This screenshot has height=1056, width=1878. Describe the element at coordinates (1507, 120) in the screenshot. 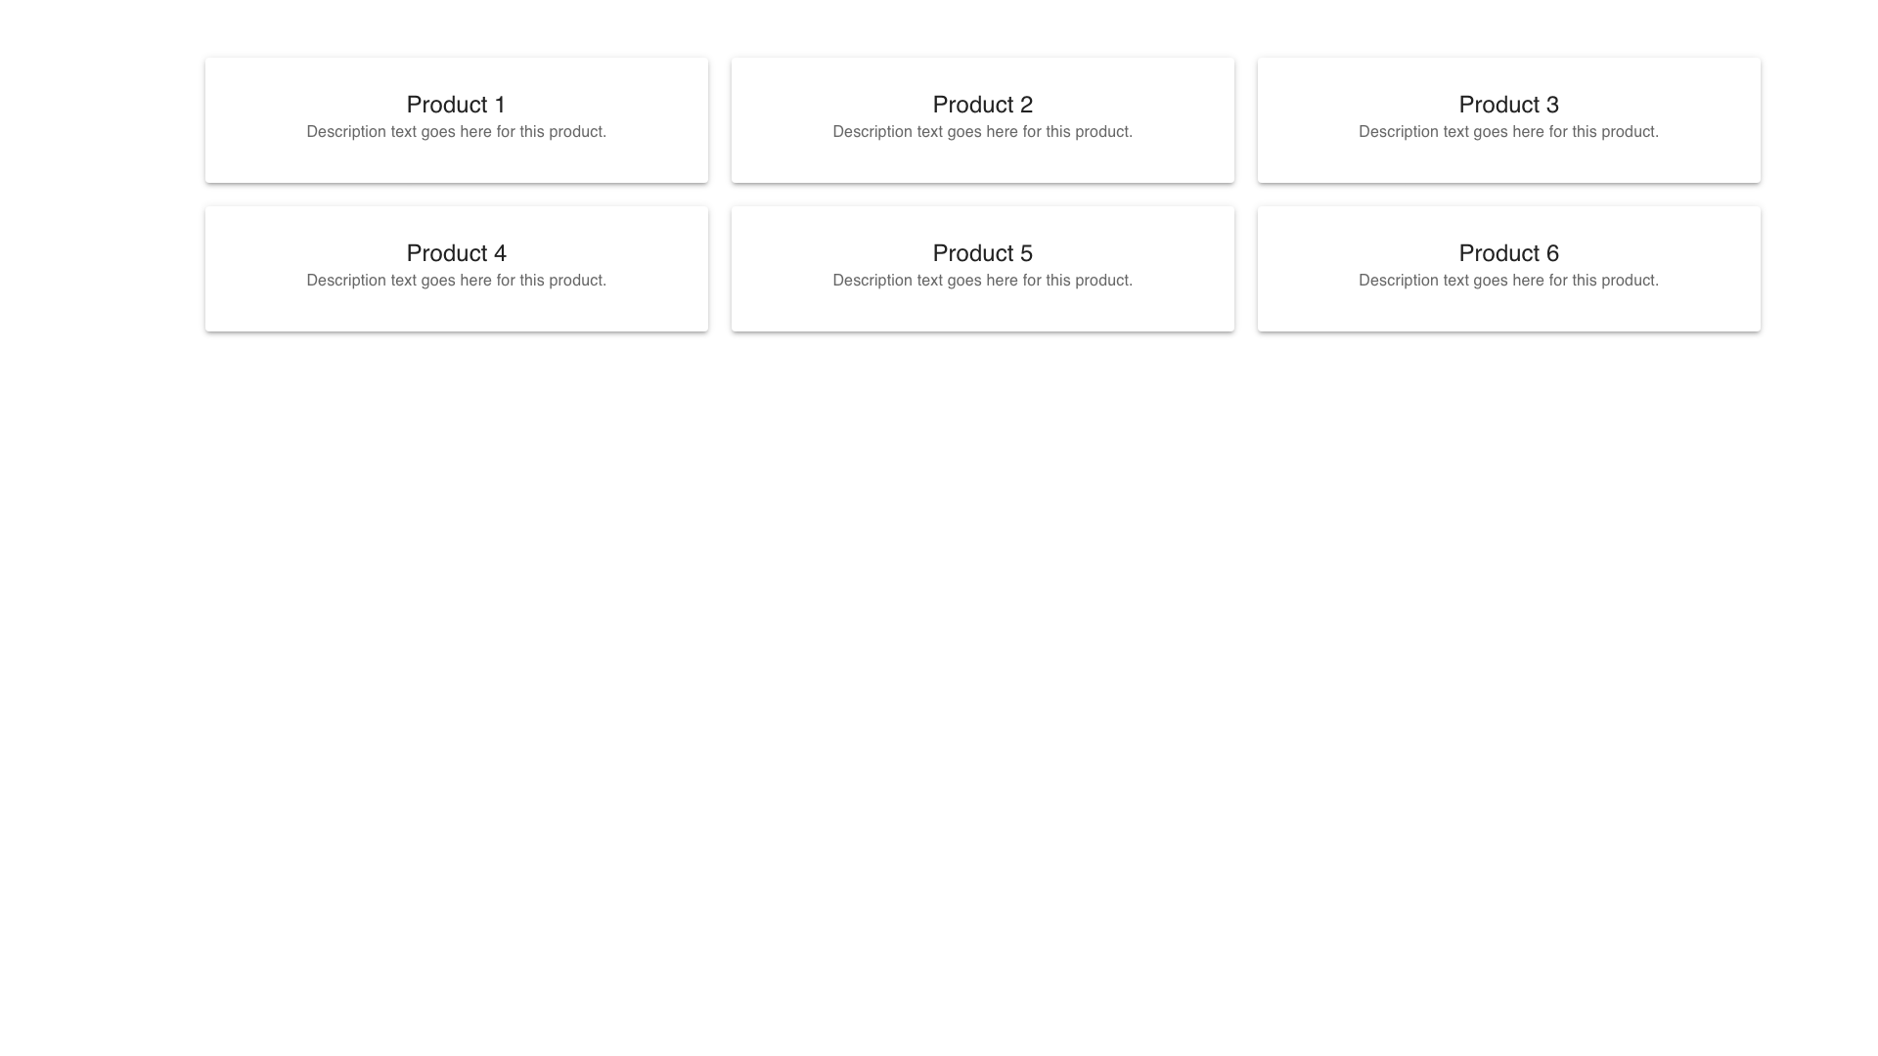

I see `the third product card located in the top-right position of the grid` at that location.